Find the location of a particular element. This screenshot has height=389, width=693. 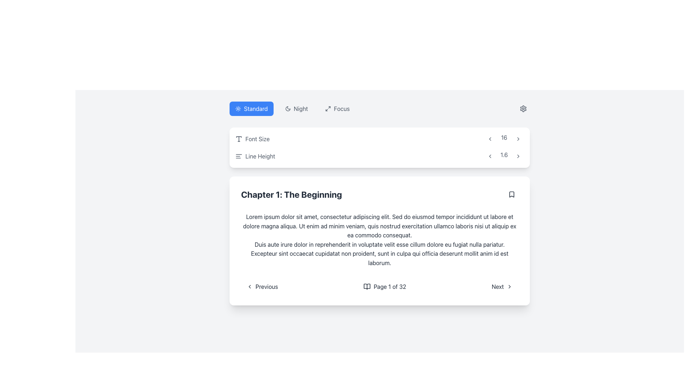

the small book icon, which is an outline drawing of an open book positioned to the left of the text 'Page 1 of 32' is located at coordinates (367, 286).